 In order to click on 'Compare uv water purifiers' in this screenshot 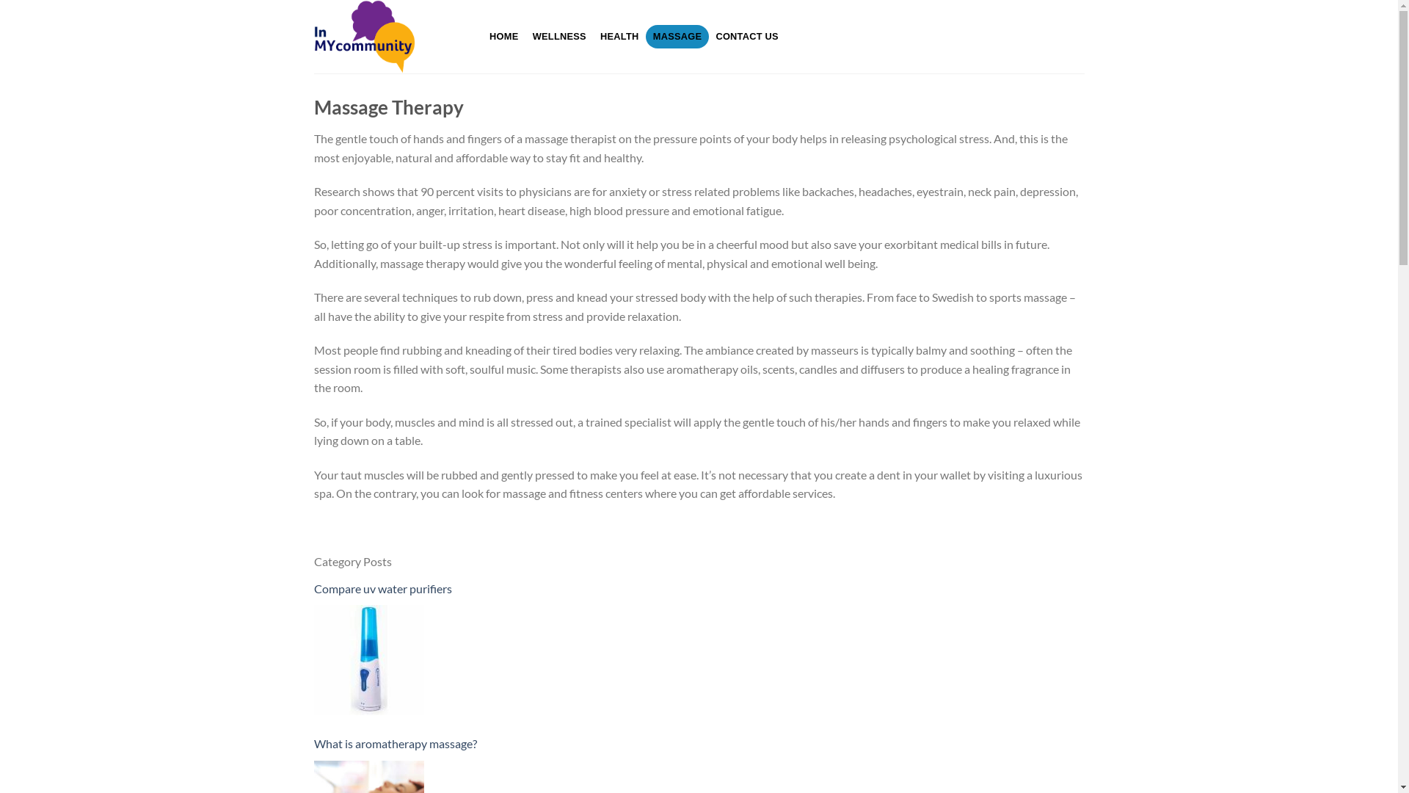, I will do `click(369, 659)`.